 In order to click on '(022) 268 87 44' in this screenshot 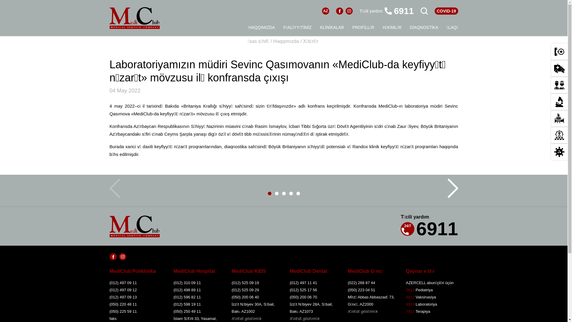, I will do `click(348, 282)`.